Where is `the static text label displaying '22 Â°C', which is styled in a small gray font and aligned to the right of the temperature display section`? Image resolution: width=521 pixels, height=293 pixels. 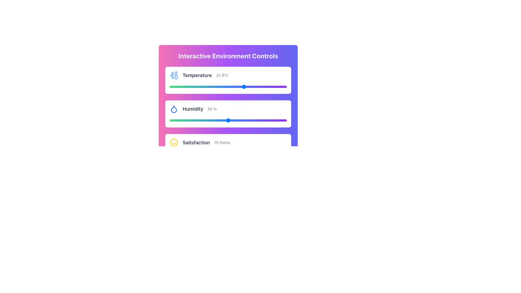
the static text label displaying '22 Â°C', which is styled in a small gray font and aligned to the right of the temperature display section is located at coordinates (222, 75).